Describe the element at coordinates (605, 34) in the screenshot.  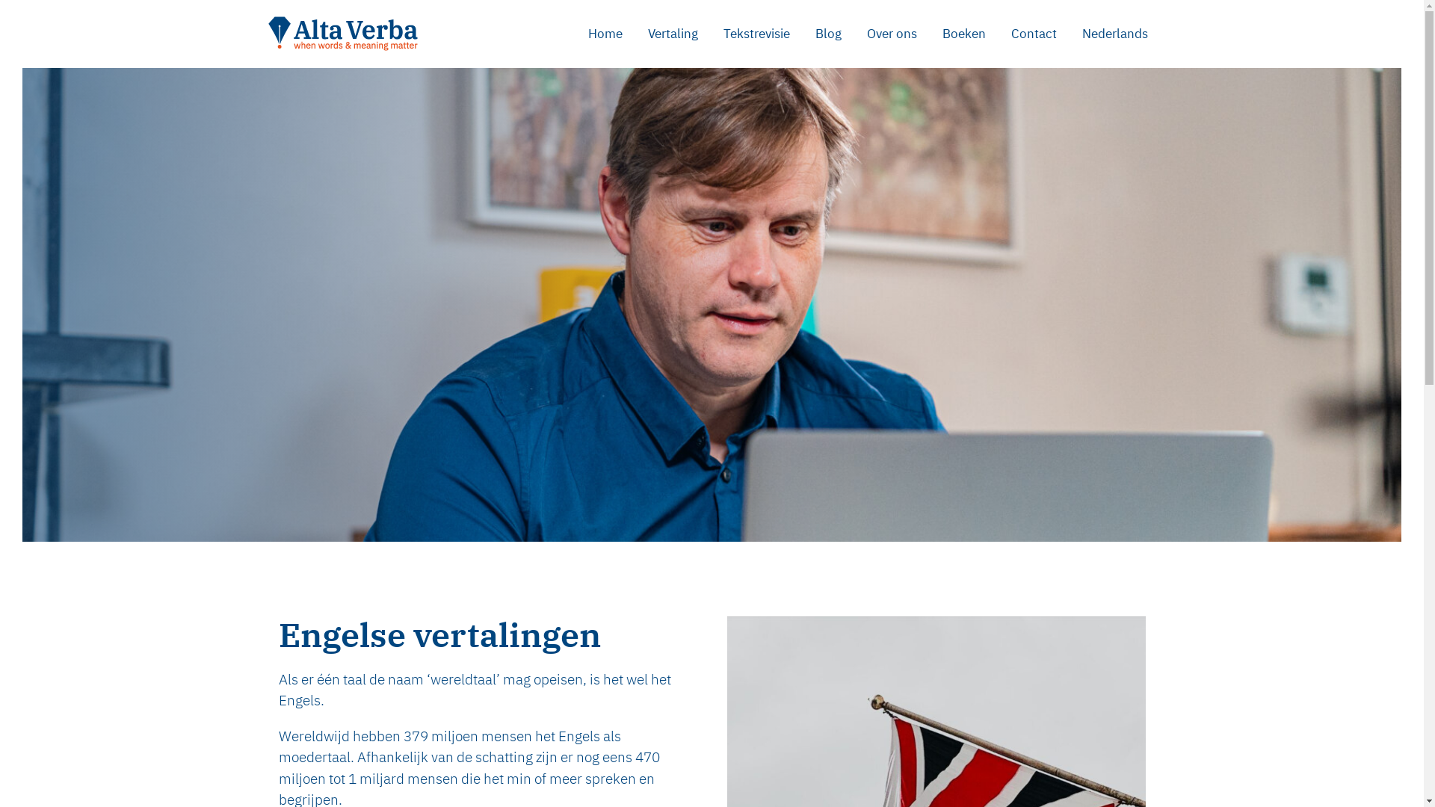
I see `'Home'` at that location.